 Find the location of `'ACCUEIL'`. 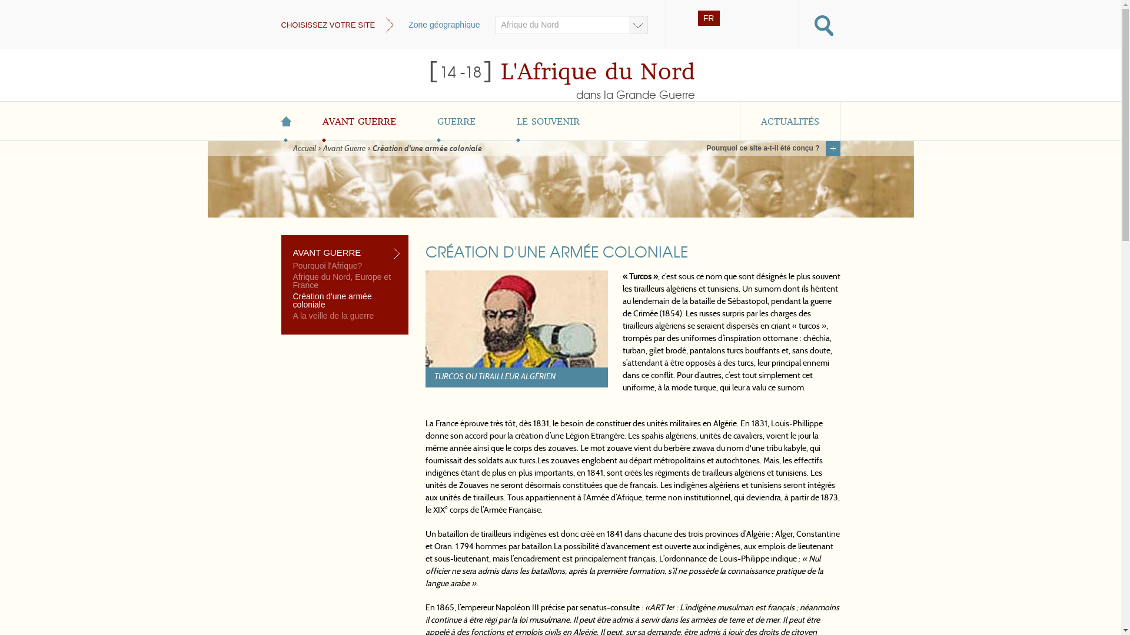

'ACCUEIL' is located at coordinates (291, 121).